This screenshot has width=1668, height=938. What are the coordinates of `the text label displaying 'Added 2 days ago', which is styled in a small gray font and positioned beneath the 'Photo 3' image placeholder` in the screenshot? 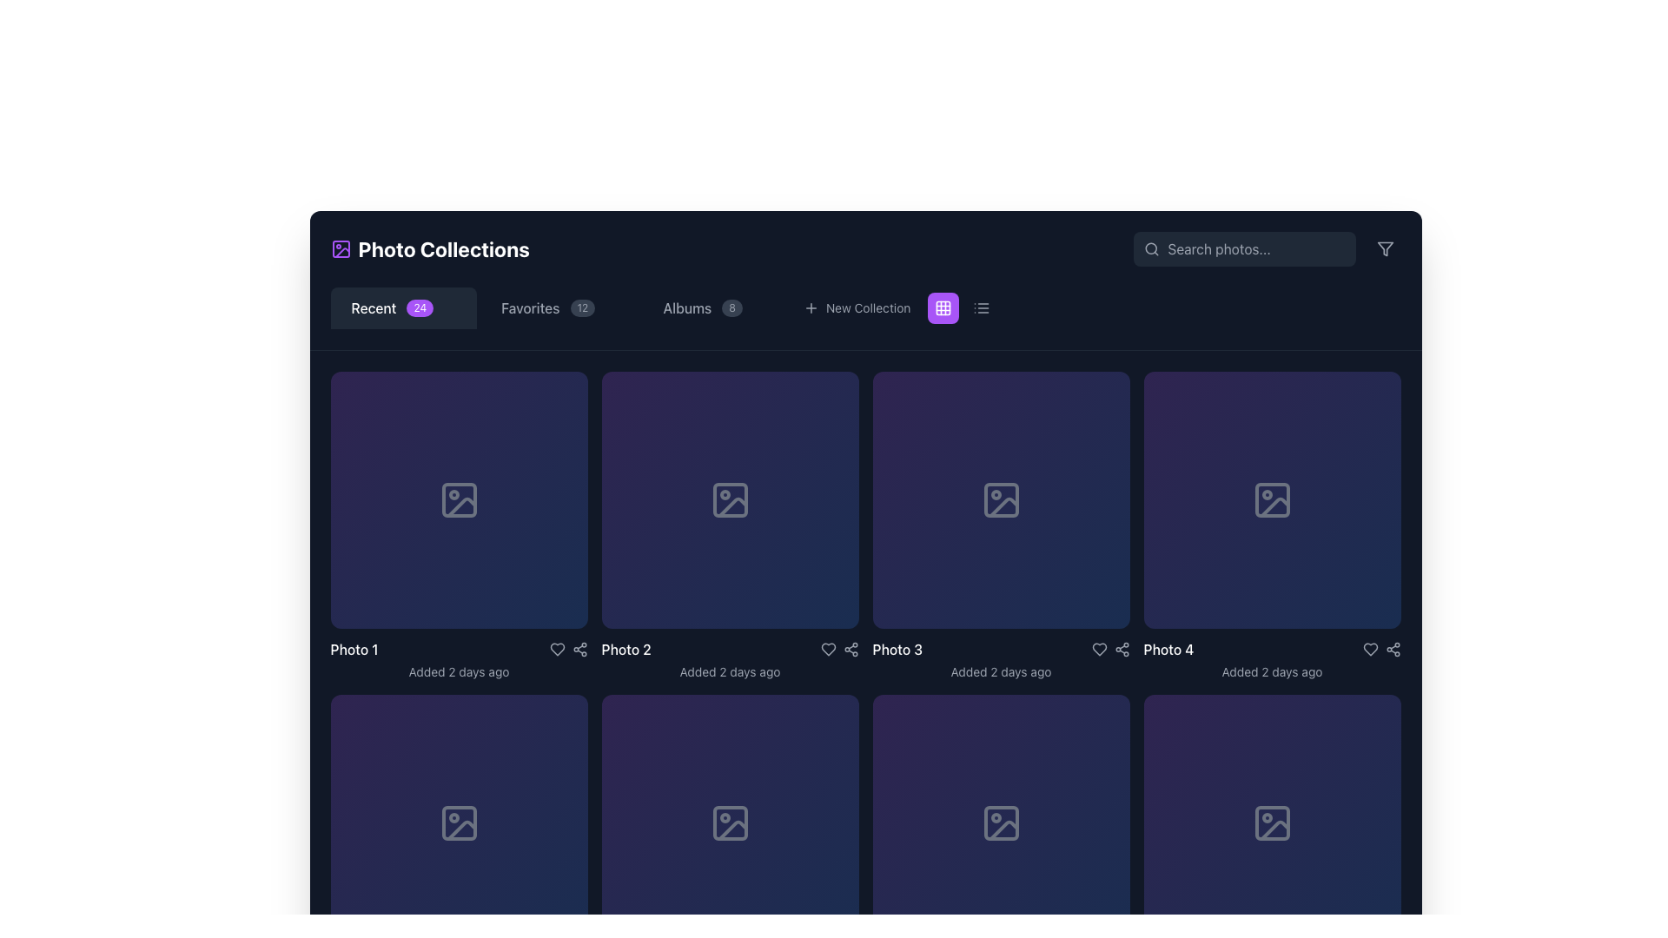 It's located at (1001, 671).